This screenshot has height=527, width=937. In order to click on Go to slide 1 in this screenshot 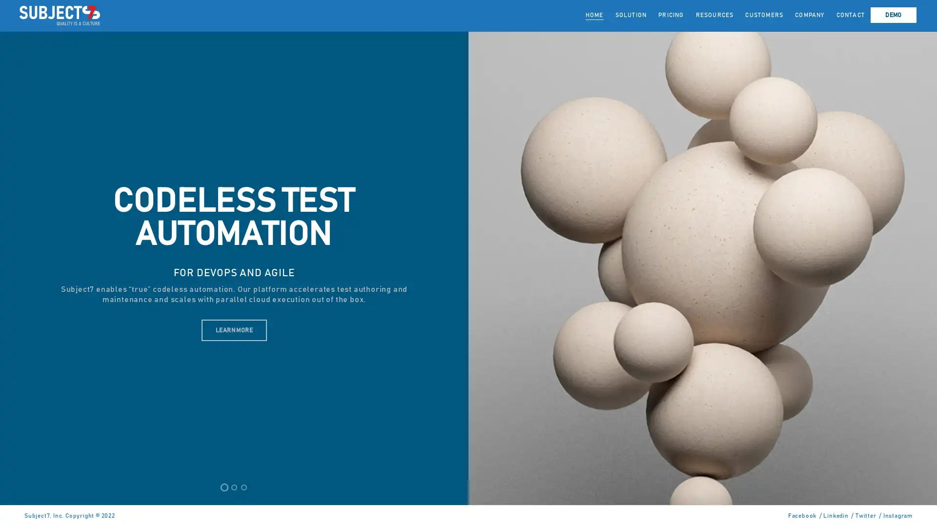, I will do `click(224, 482)`.